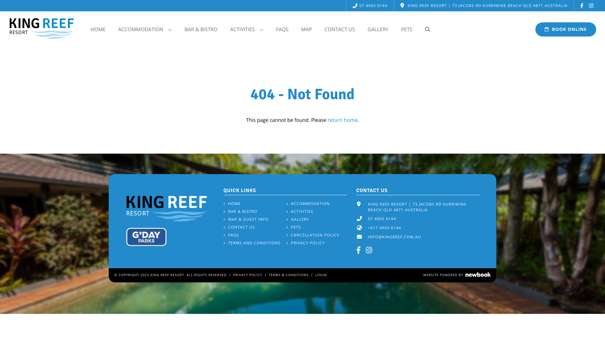 The image size is (605, 340). What do you see at coordinates (370, 6) in the screenshot?
I see `'07 4065 6144'` at bounding box center [370, 6].